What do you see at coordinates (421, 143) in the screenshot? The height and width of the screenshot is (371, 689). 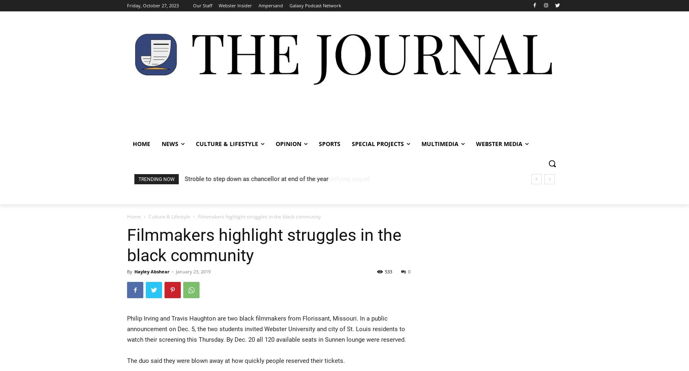 I see `'Multimedia'` at bounding box center [421, 143].